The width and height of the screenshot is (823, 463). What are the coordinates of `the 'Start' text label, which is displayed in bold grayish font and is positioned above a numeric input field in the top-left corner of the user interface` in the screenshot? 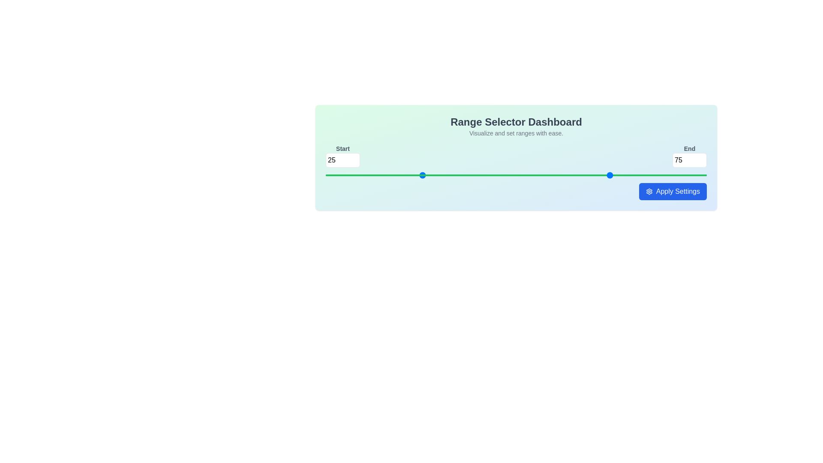 It's located at (343, 148).